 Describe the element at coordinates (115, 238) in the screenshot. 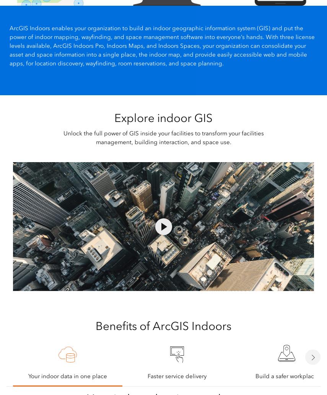

I see `'Special Programs'` at that location.